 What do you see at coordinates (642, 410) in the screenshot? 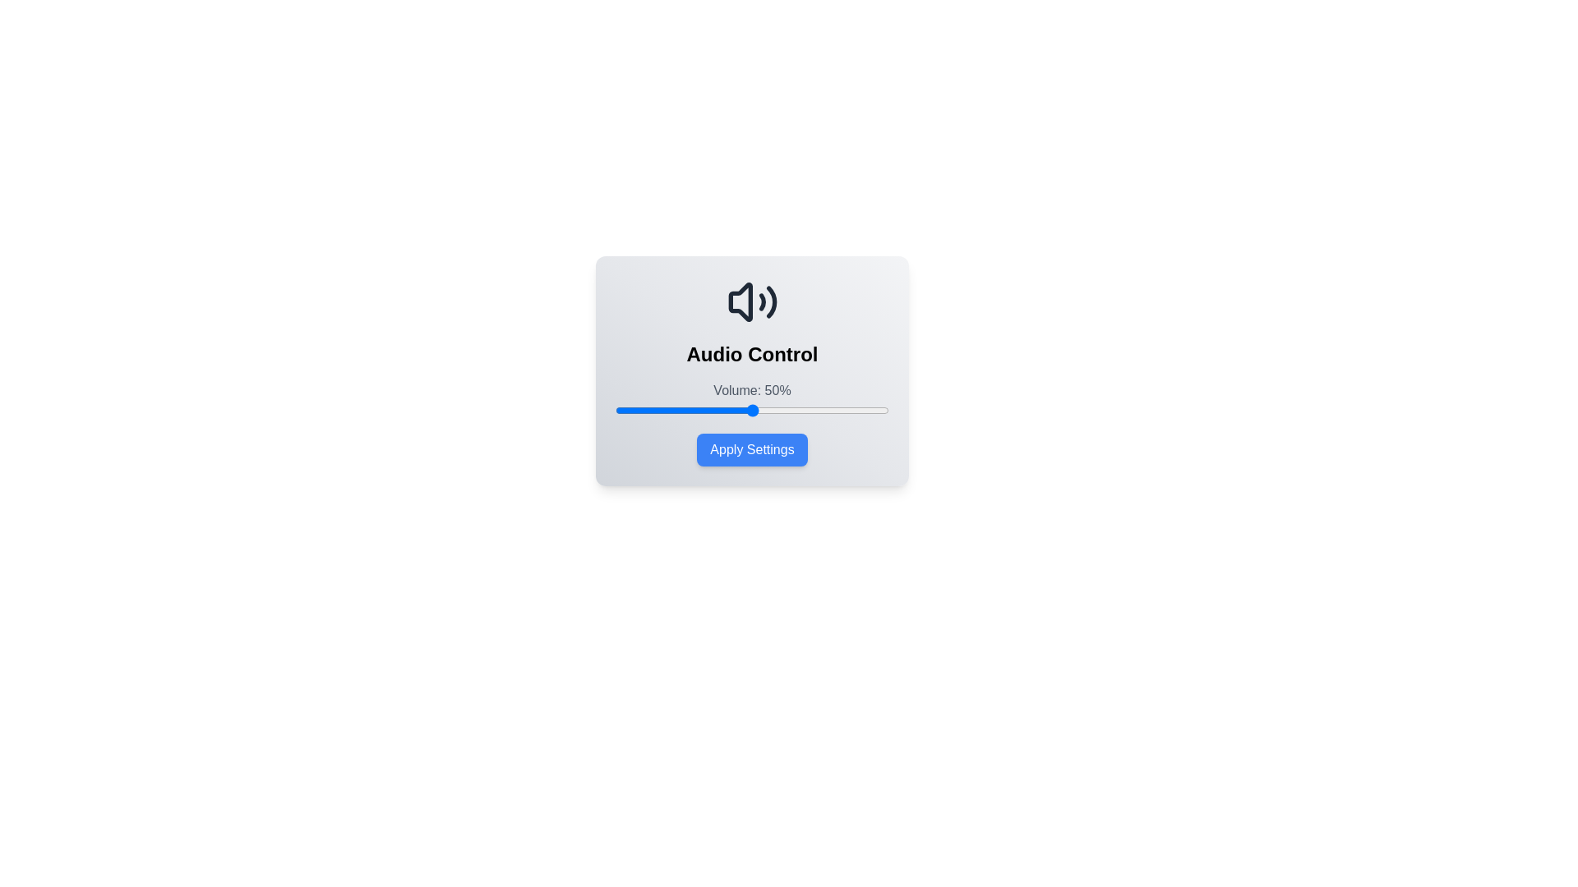
I see `the slider` at bounding box center [642, 410].